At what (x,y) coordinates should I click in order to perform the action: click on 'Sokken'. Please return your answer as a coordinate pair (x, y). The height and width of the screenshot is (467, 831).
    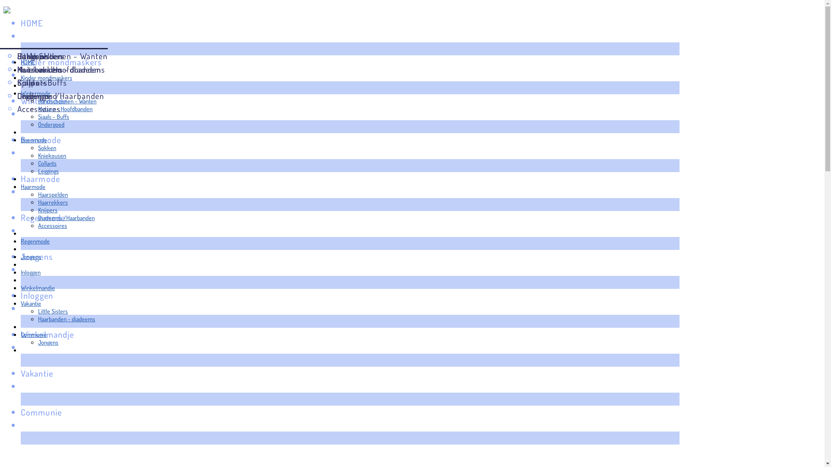
    Looking at the image, I should click on (47, 147).